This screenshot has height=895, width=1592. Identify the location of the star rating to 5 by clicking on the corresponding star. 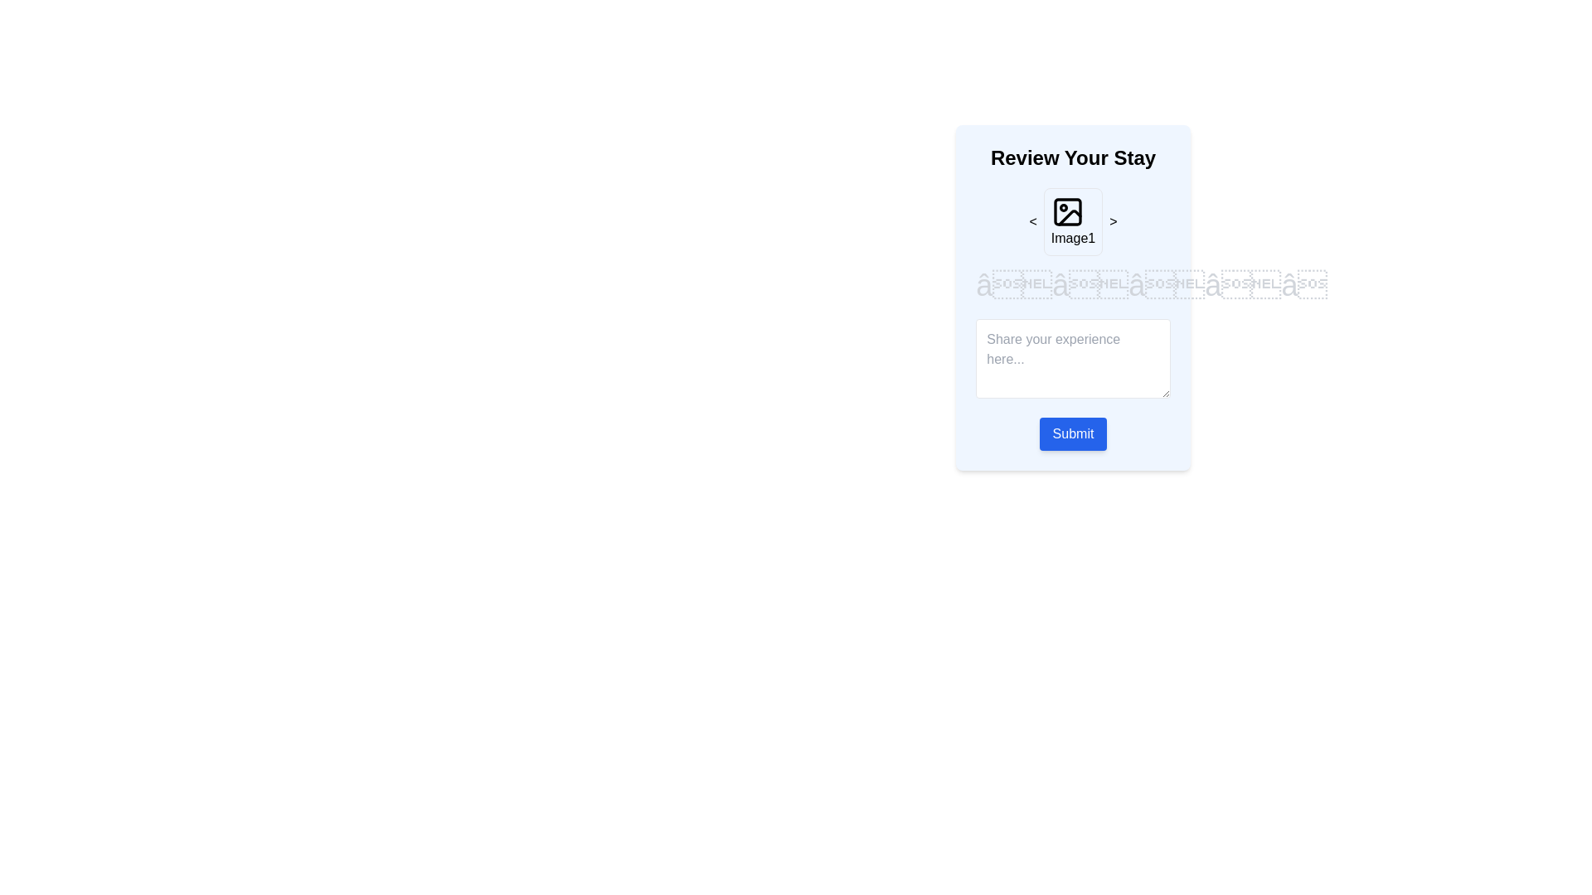
(1318, 284).